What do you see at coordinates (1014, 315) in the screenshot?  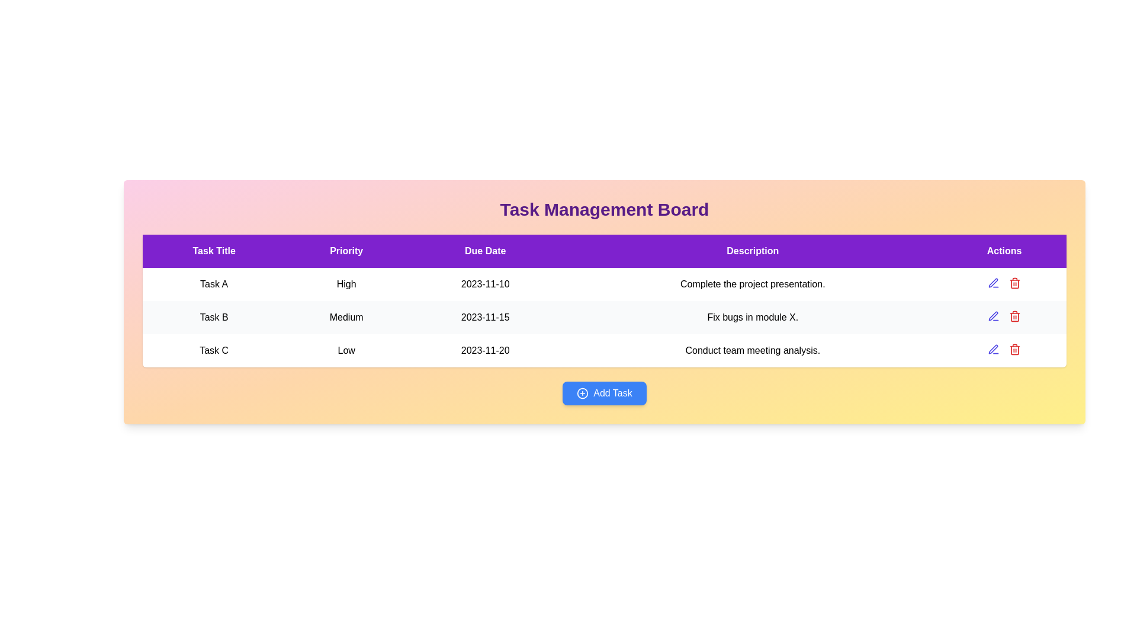 I see `the delete icon button located in the third row of the 'Actions' column of the task table` at bounding box center [1014, 315].